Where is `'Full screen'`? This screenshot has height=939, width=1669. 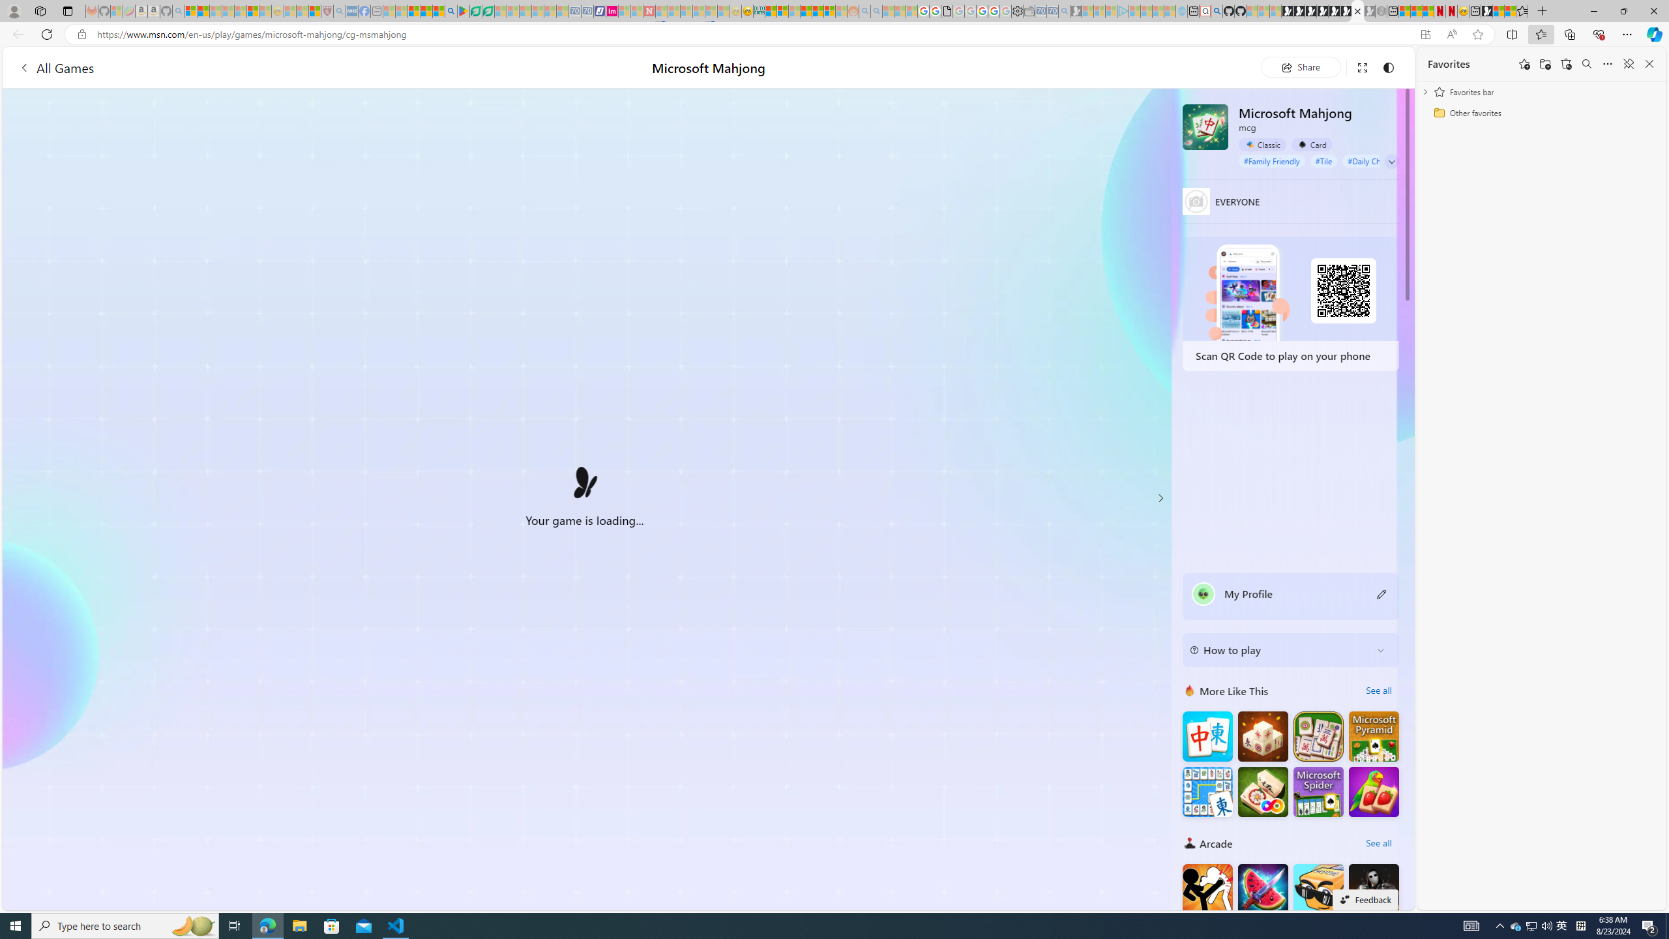 'Full screen' is located at coordinates (1361, 67).